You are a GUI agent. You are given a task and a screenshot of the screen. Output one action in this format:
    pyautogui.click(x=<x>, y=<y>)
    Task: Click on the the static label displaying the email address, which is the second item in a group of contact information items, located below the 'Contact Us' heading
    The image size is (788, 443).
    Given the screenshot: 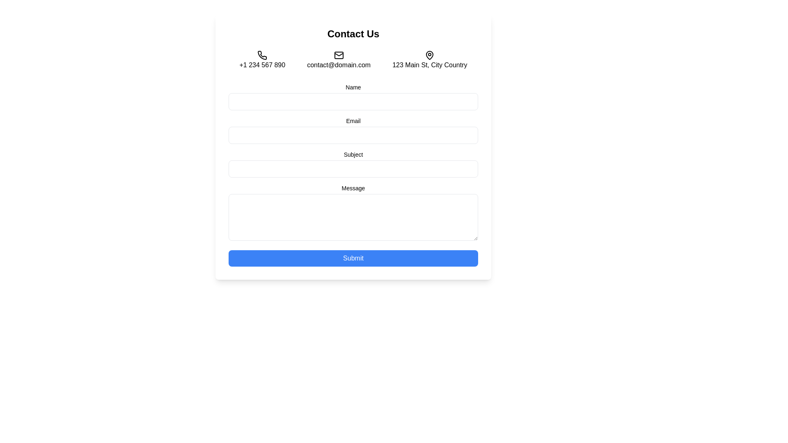 What is the action you would take?
    pyautogui.click(x=339, y=59)
    